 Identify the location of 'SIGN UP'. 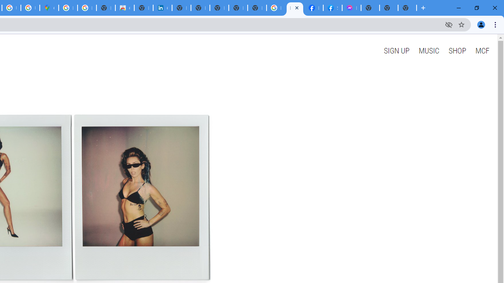
(396, 50).